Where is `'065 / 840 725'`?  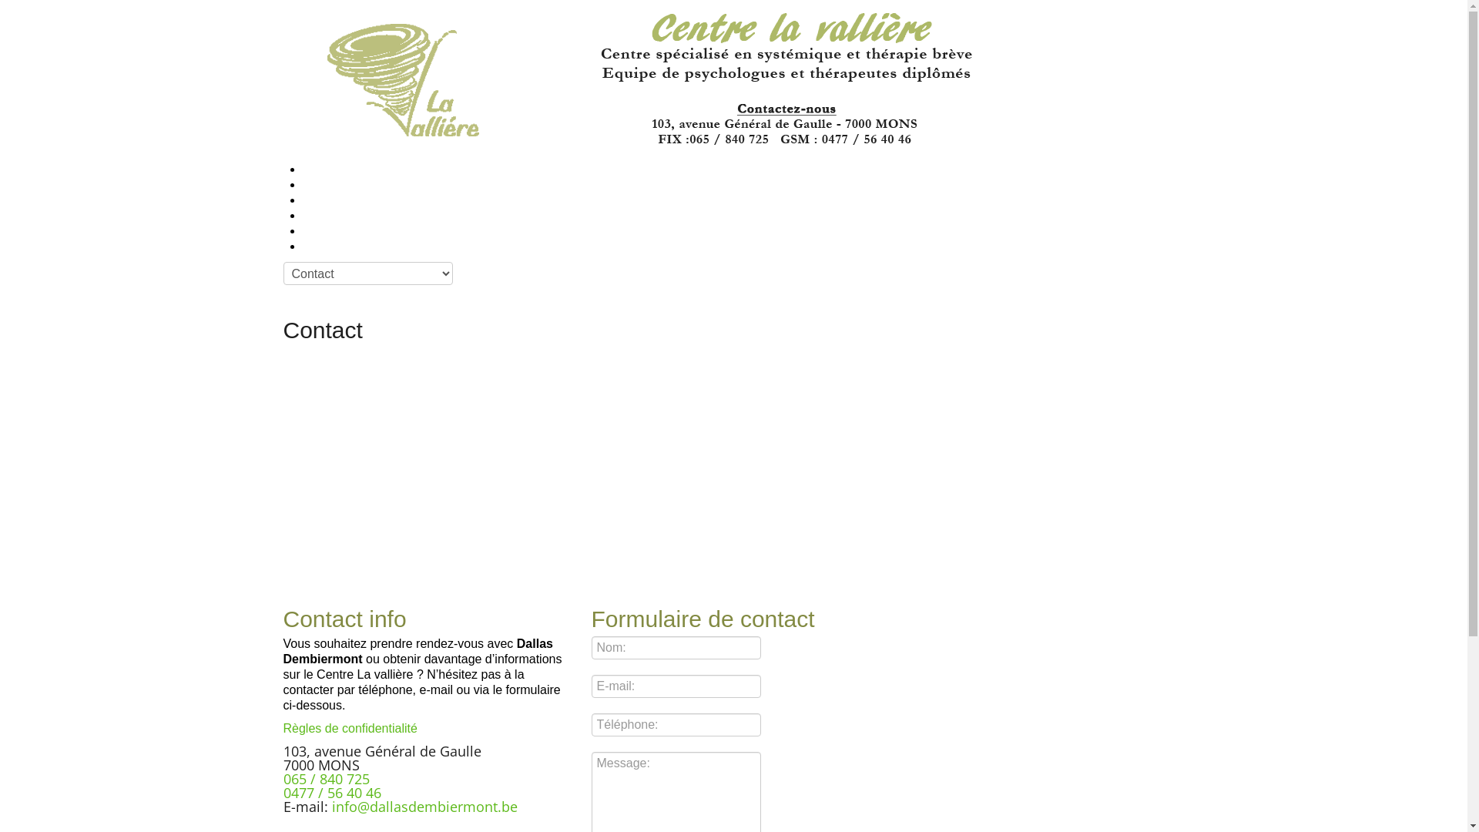 '065 / 840 725' is located at coordinates (283, 778).